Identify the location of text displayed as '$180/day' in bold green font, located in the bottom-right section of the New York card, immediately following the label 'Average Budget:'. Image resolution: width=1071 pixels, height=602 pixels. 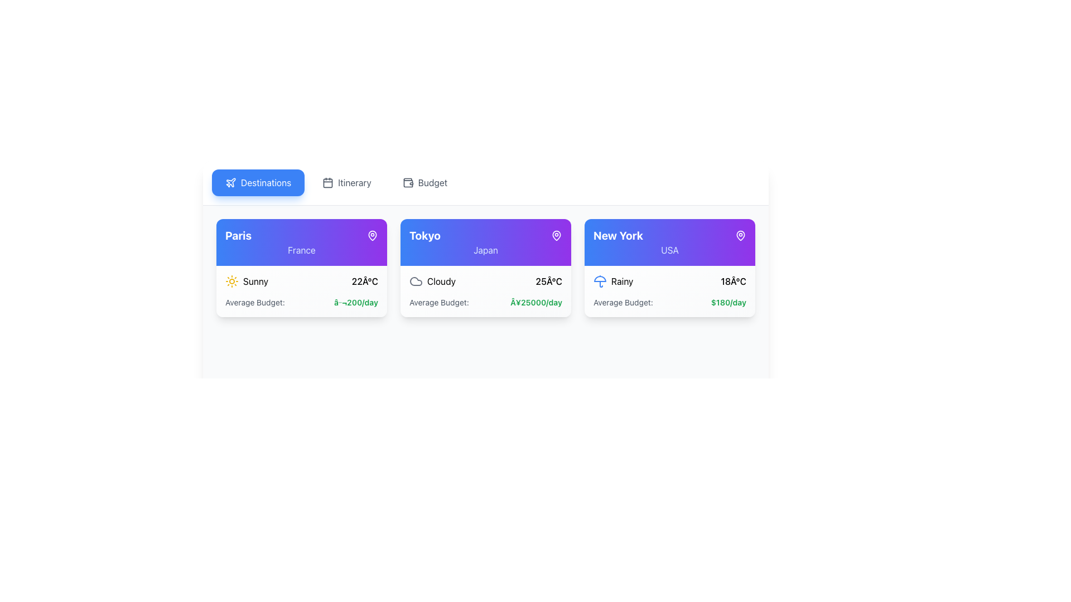
(729, 303).